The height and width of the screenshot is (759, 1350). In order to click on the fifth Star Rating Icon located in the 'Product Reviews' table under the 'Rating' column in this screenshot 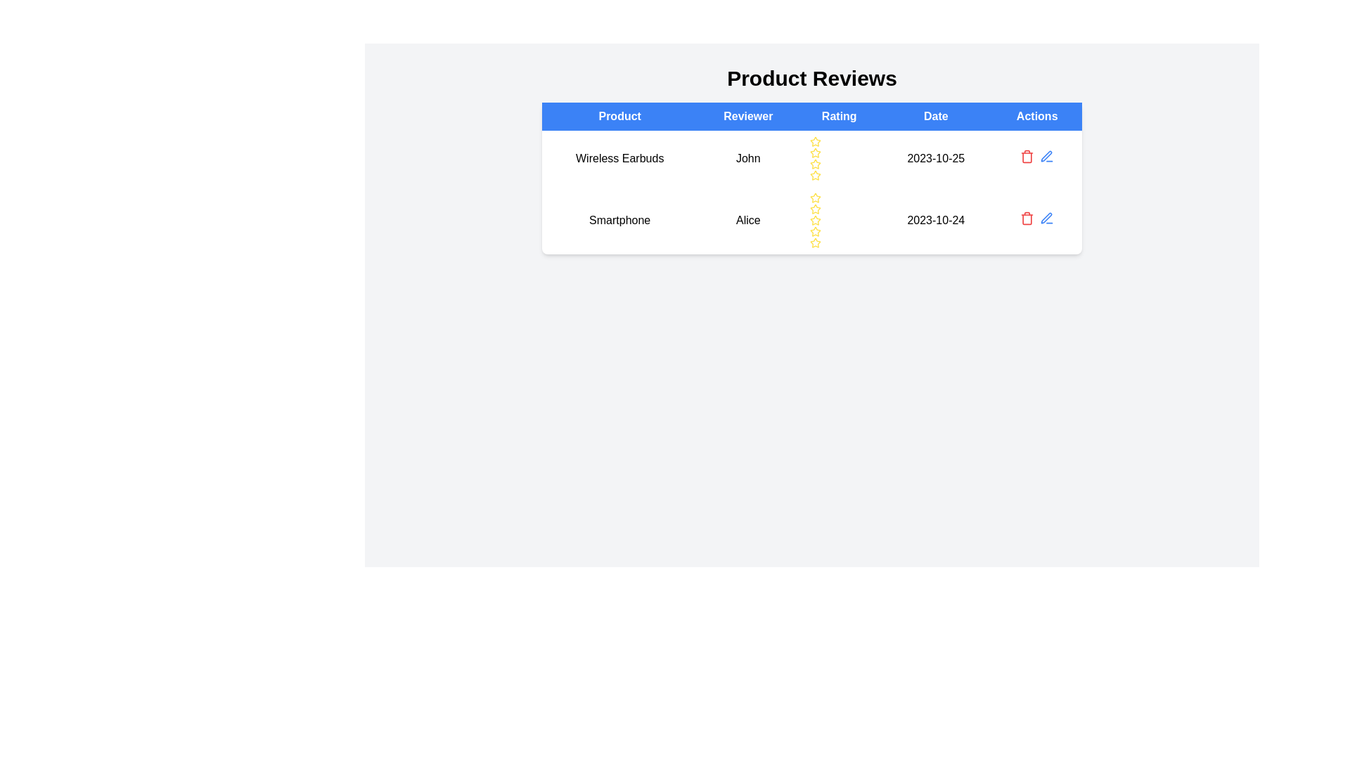, I will do `click(816, 242)`.